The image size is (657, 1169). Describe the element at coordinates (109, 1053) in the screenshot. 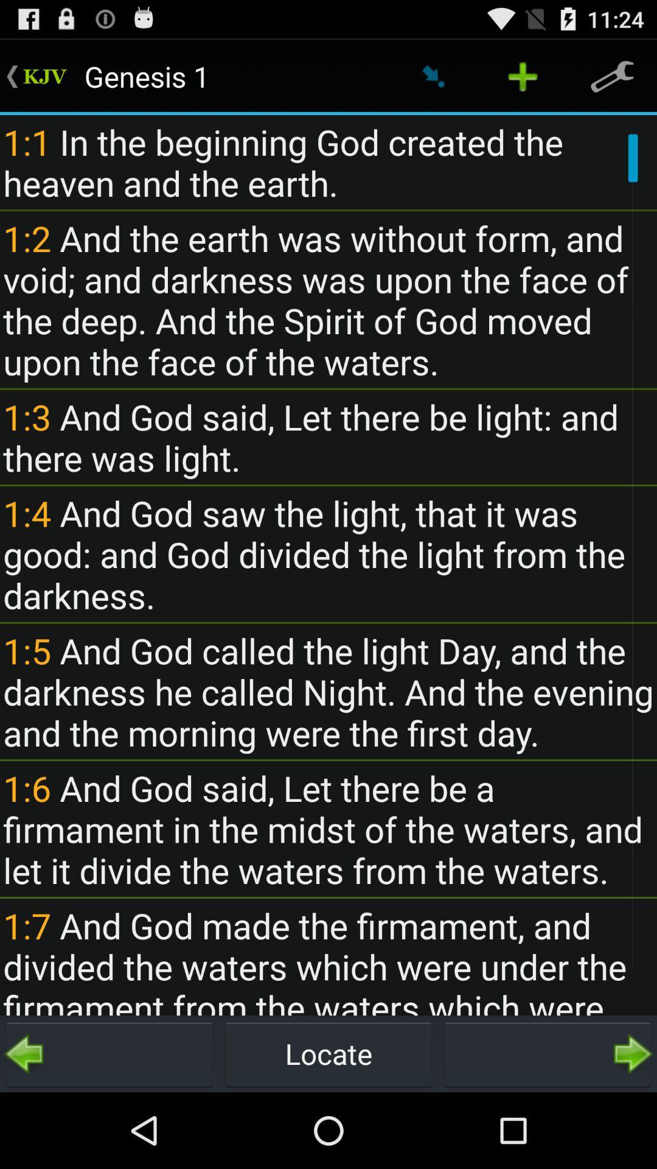

I see `icon to the left of the locate item` at that location.